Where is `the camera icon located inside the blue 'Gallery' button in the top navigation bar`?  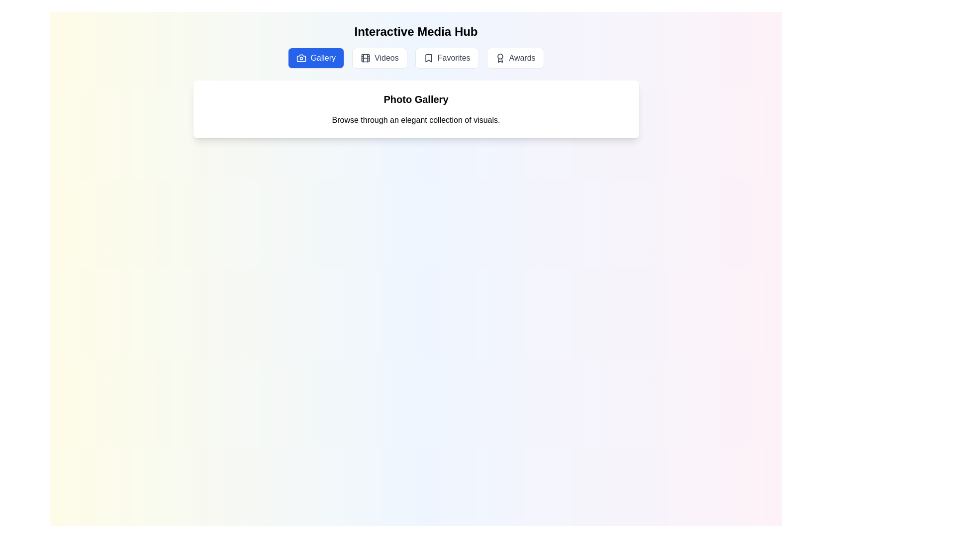
the camera icon located inside the blue 'Gallery' button in the top navigation bar is located at coordinates (301, 58).